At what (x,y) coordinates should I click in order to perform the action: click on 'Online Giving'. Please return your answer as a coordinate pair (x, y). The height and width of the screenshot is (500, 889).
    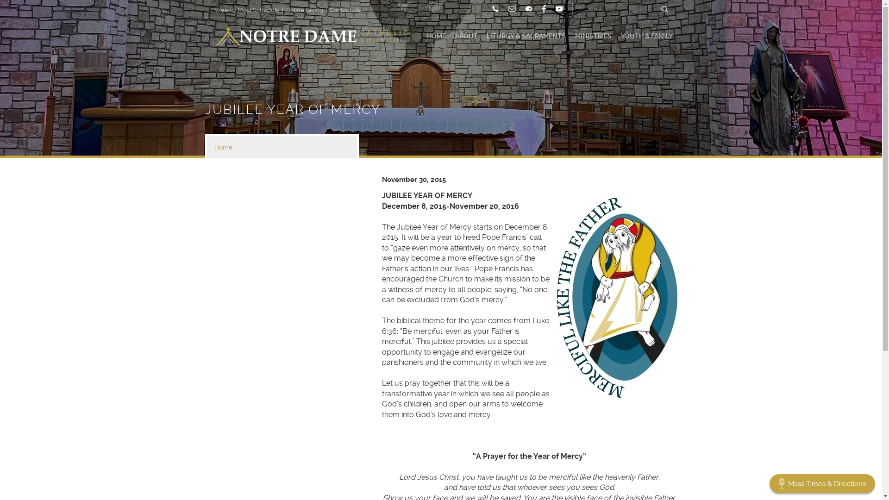
    Looking at the image, I should click on (303, 10).